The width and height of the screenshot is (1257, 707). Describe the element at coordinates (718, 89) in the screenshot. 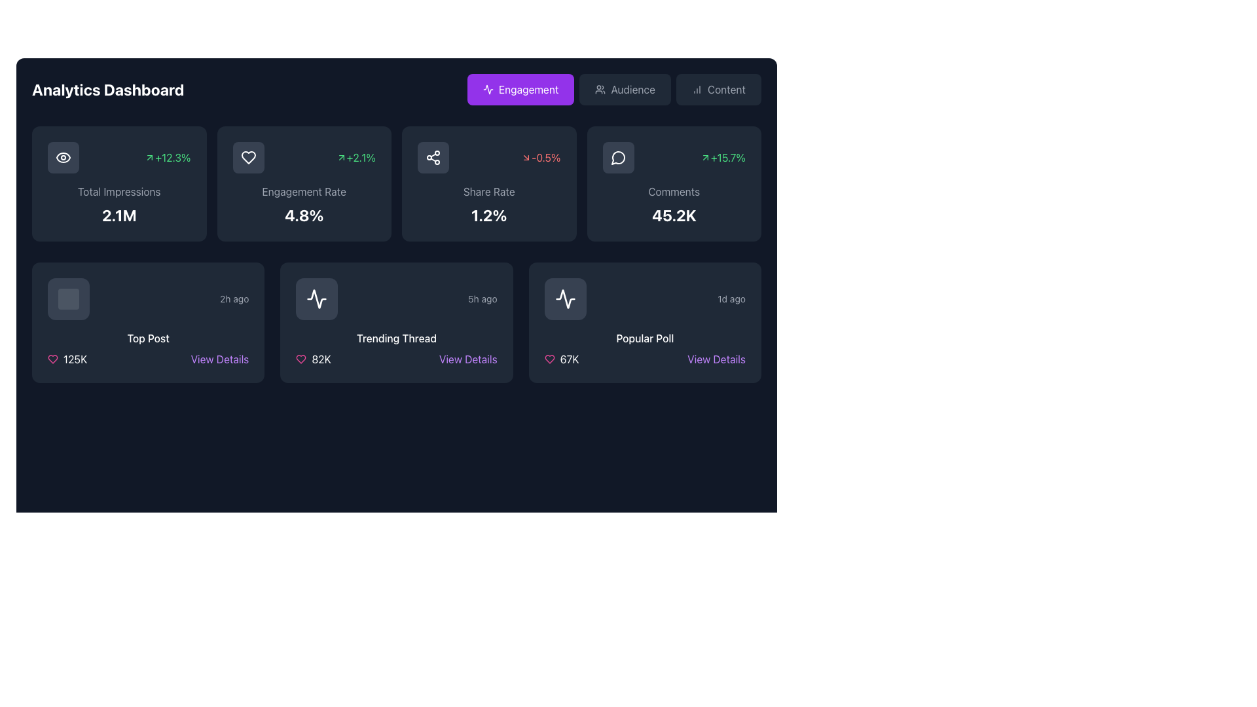

I see `the 'Content' button located at the top-right corner of the interface` at that location.